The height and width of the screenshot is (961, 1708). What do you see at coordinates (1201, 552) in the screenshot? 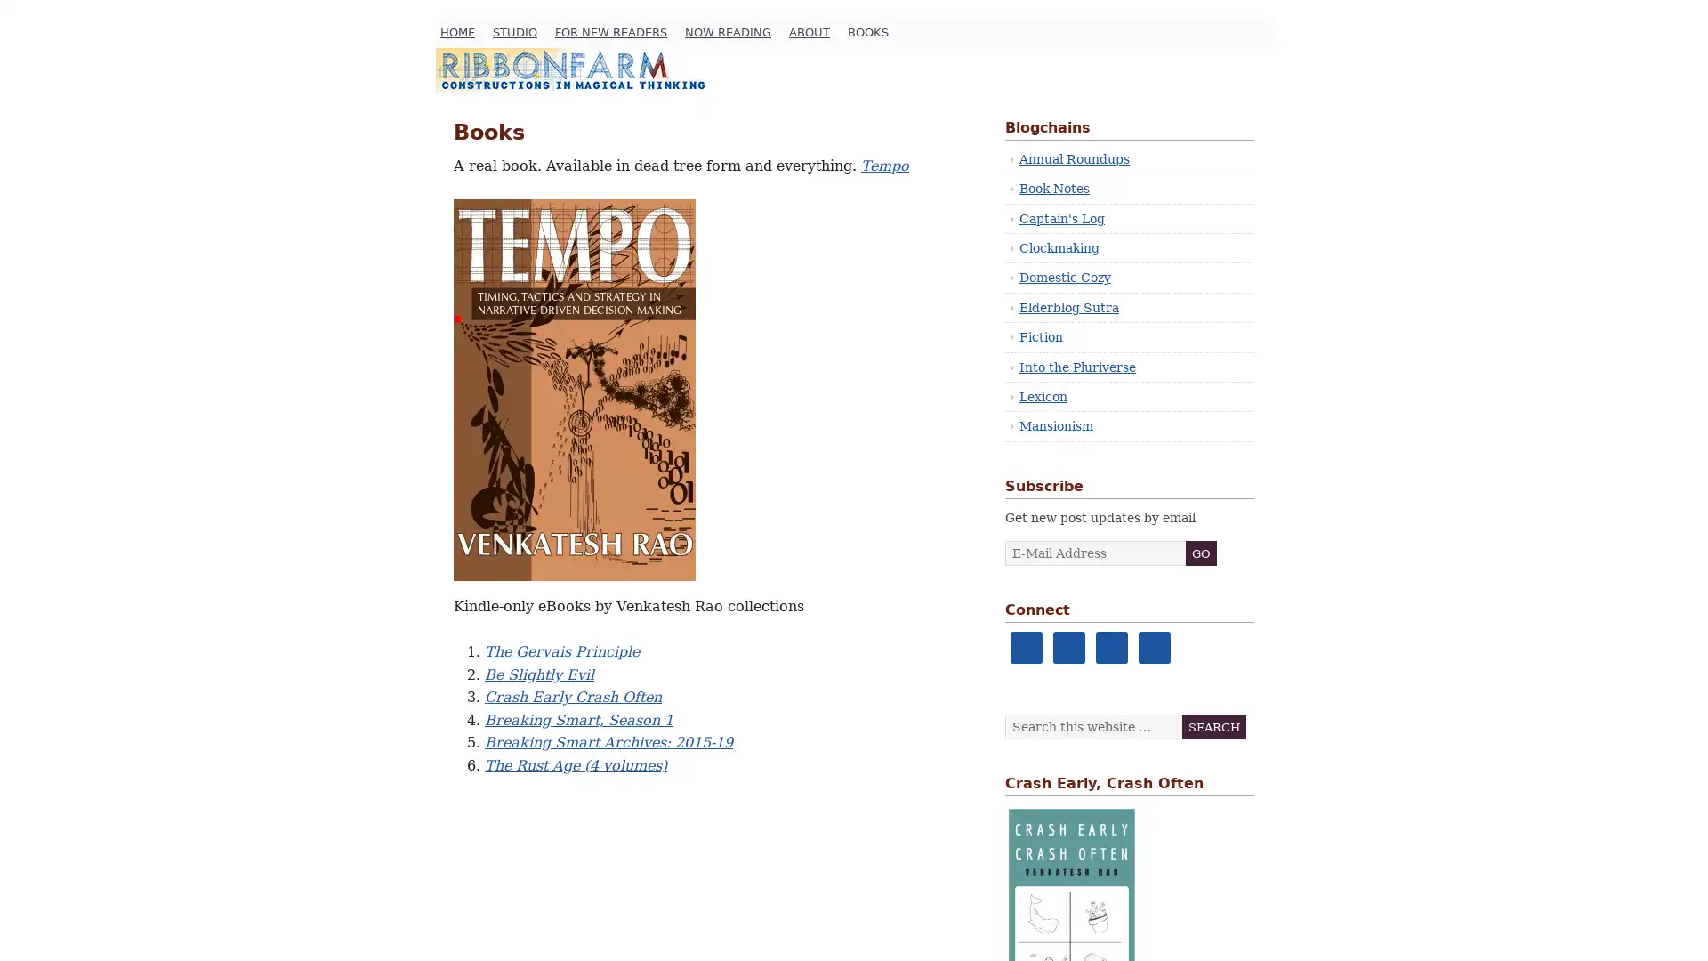
I see `Go` at bounding box center [1201, 552].